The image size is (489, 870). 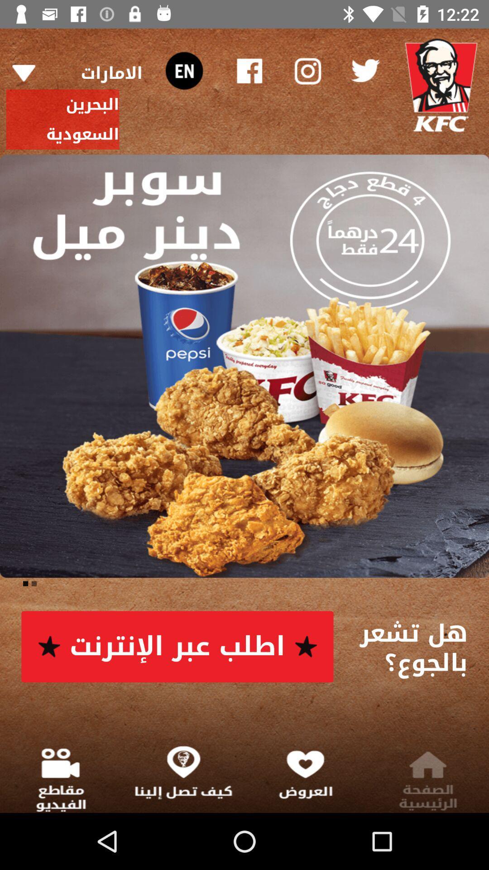 What do you see at coordinates (307, 70) in the screenshot?
I see `the photo icon` at bounding box center [307, 70].